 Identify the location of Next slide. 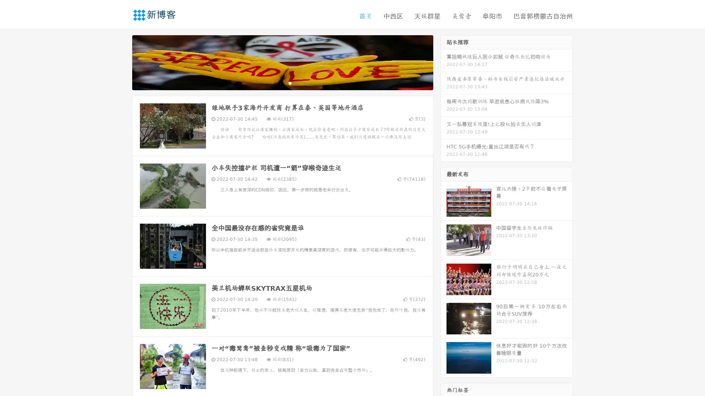
(444, 62).